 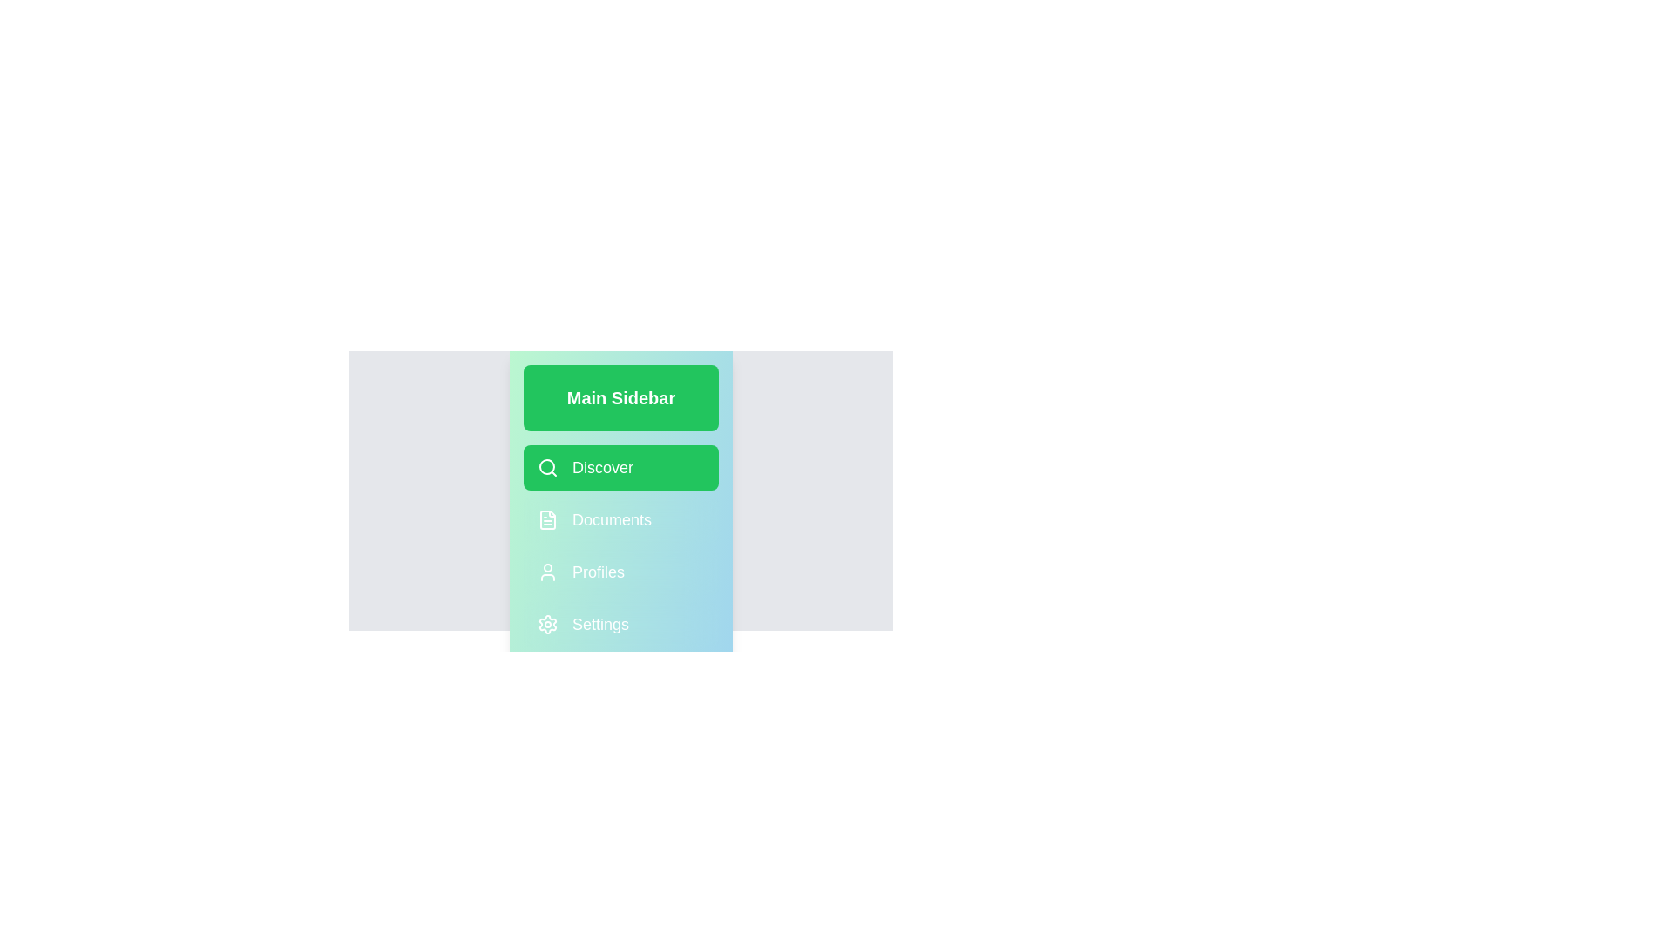 I want to click on the 'Documents' button in the sidebar menu, so click(x=621, y=519).